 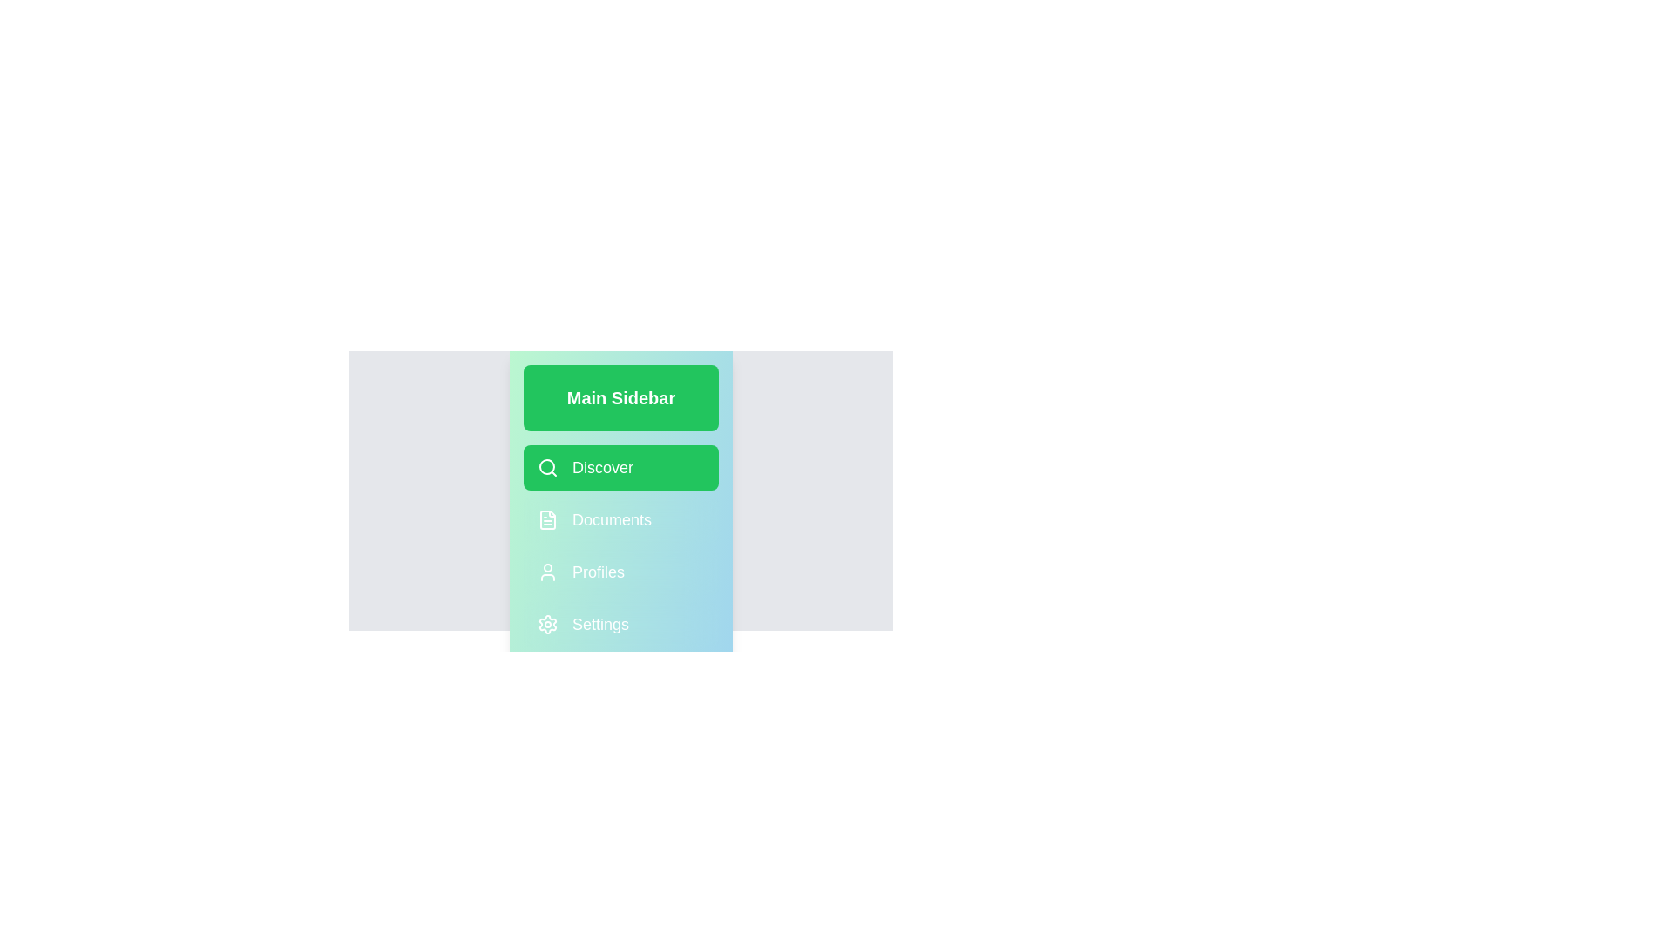 I want to click on the 'Documents' button in the sidebar menu, so click(x=621, y=519).